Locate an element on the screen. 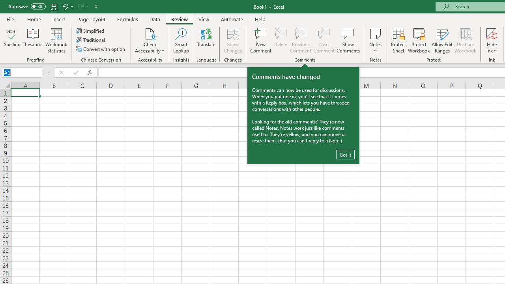  'Translate' is located at coordinates (206, 41).